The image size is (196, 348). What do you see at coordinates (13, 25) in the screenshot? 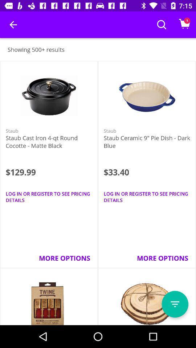
I see `item above showing 500+ results icon` at bounding box center [13, 25].